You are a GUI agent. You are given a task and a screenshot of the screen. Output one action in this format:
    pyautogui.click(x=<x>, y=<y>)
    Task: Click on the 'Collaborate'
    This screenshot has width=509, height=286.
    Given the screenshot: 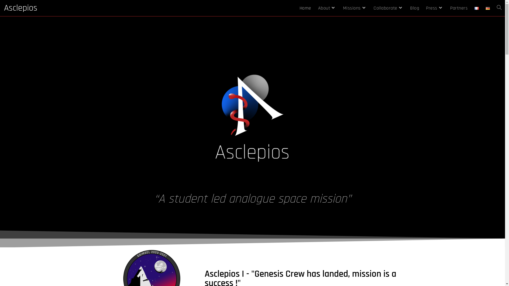 What is the action you would take?
    pyautogui.click(x=388, y=8)
    